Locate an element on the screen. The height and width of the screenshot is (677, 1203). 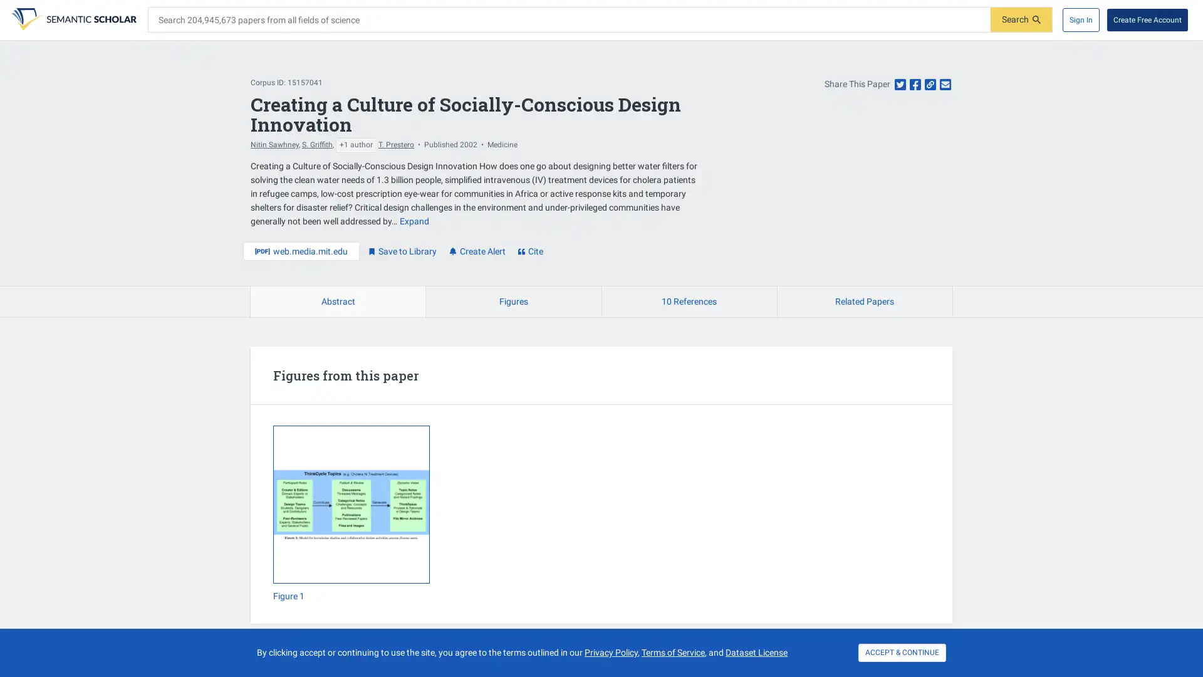
Cite is located at coordinates (530, 251).